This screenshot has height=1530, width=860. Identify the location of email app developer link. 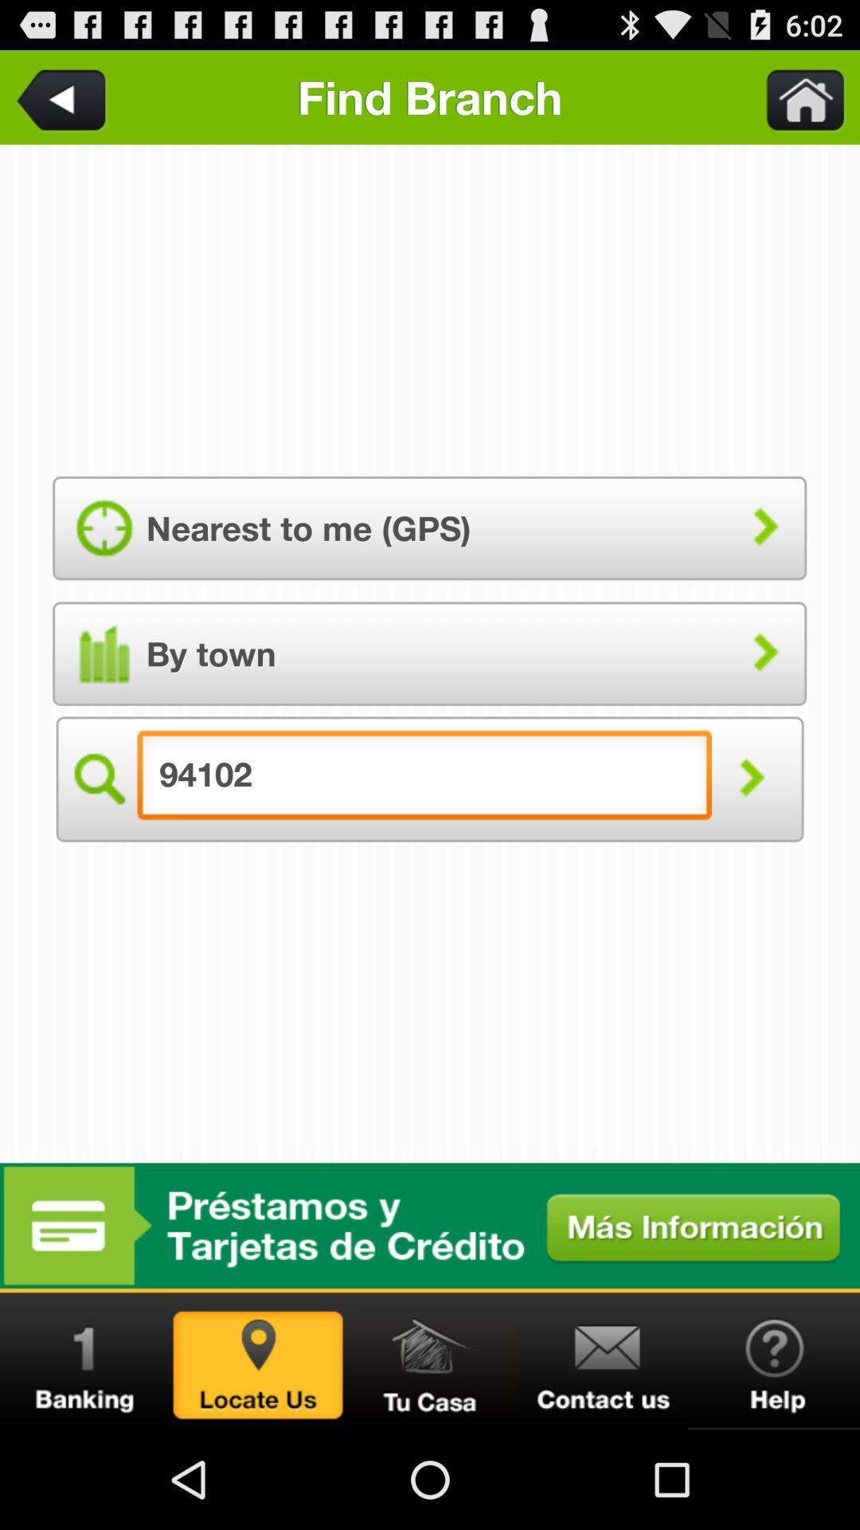
(602, 1360).